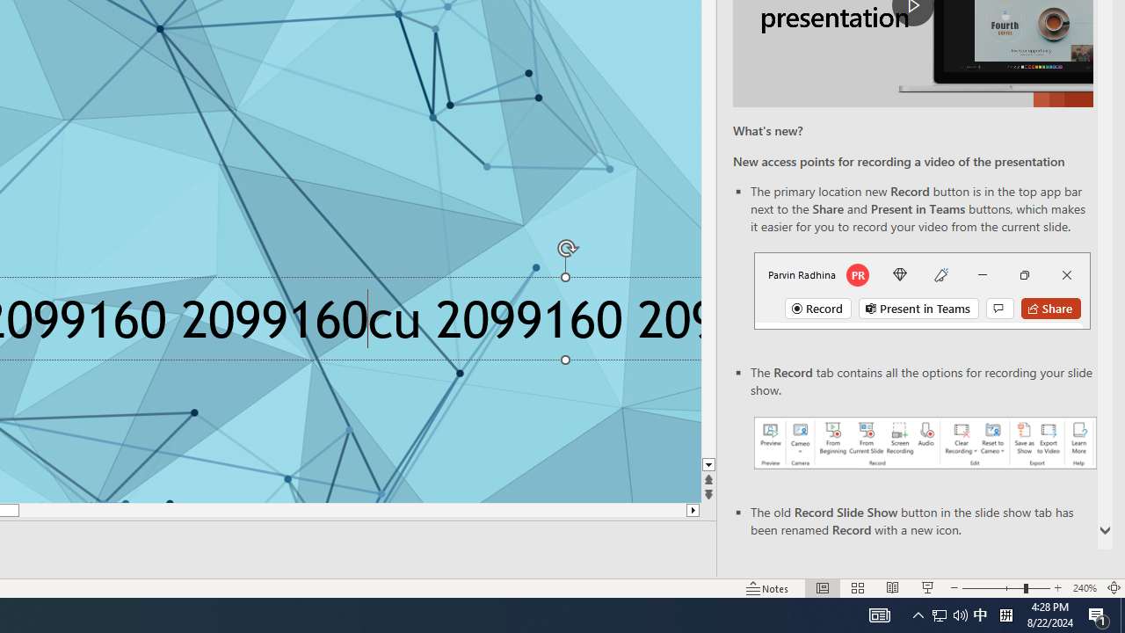  Describe the element at coordinates (1084, 588) in the screenshot. I see `'Zoom 240%'` at that location.